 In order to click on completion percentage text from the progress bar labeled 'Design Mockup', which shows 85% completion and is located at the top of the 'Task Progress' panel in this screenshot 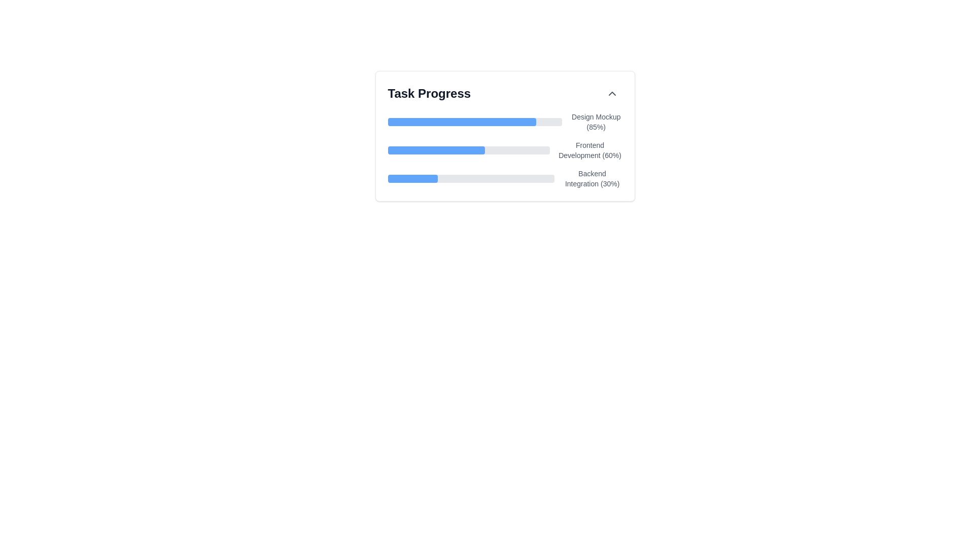, I will do `click(505, 121)`.